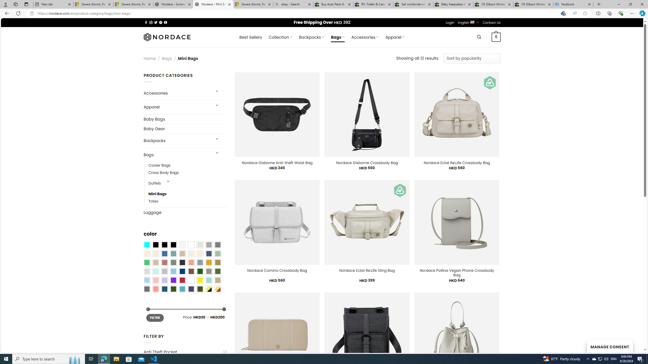 This screenshot has width=648, height=364. I want to click on 'Cooler Bags', so click(159, 165).